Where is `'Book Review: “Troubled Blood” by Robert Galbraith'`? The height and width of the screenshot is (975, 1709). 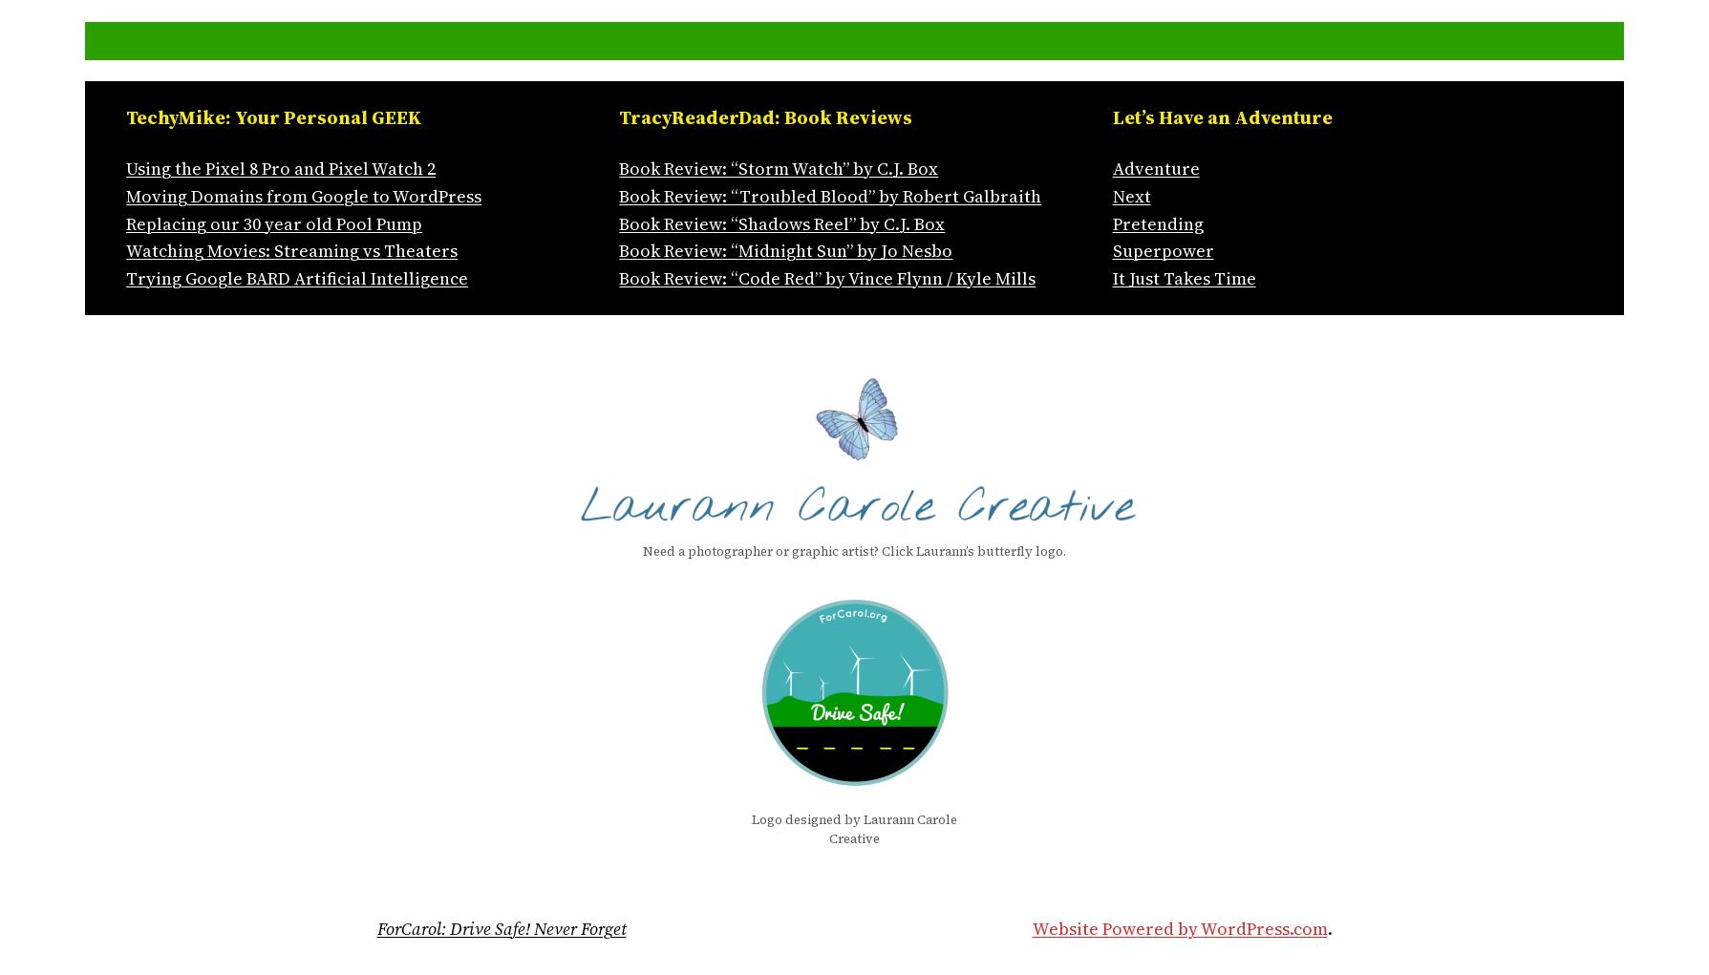 'Book Review: “Troubled Blood” by Robert Galbraith' is located at coordinates (618, 195).